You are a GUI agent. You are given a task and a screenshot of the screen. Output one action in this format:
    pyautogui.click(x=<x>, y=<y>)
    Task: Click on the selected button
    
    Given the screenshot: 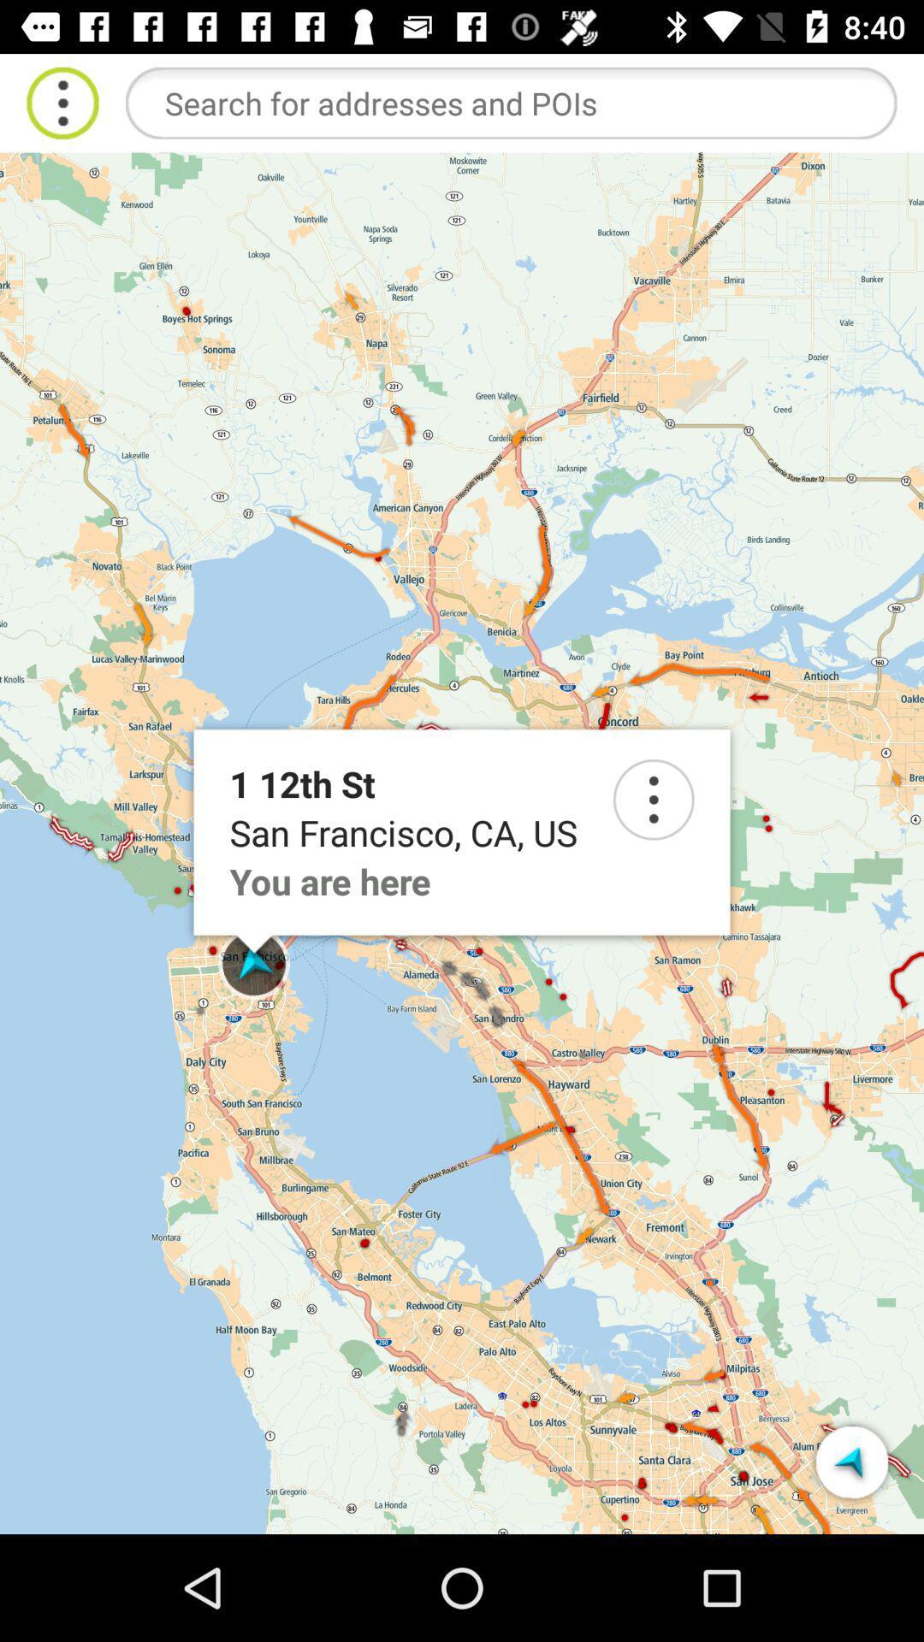 What is the action you would take?
    pyautogui.click(x=851, y=1461)
    